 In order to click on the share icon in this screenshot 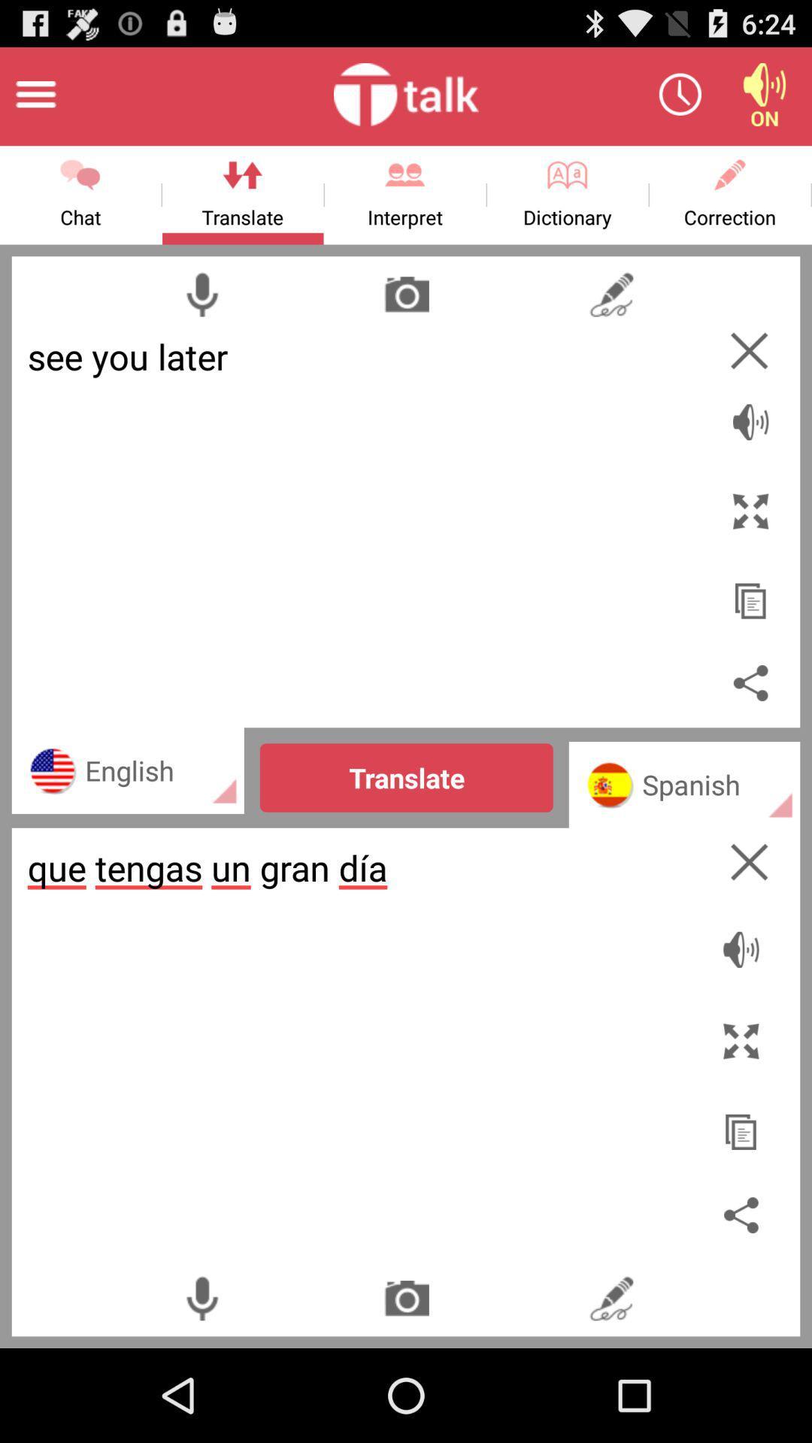, I will do `click(744, 1299)`.